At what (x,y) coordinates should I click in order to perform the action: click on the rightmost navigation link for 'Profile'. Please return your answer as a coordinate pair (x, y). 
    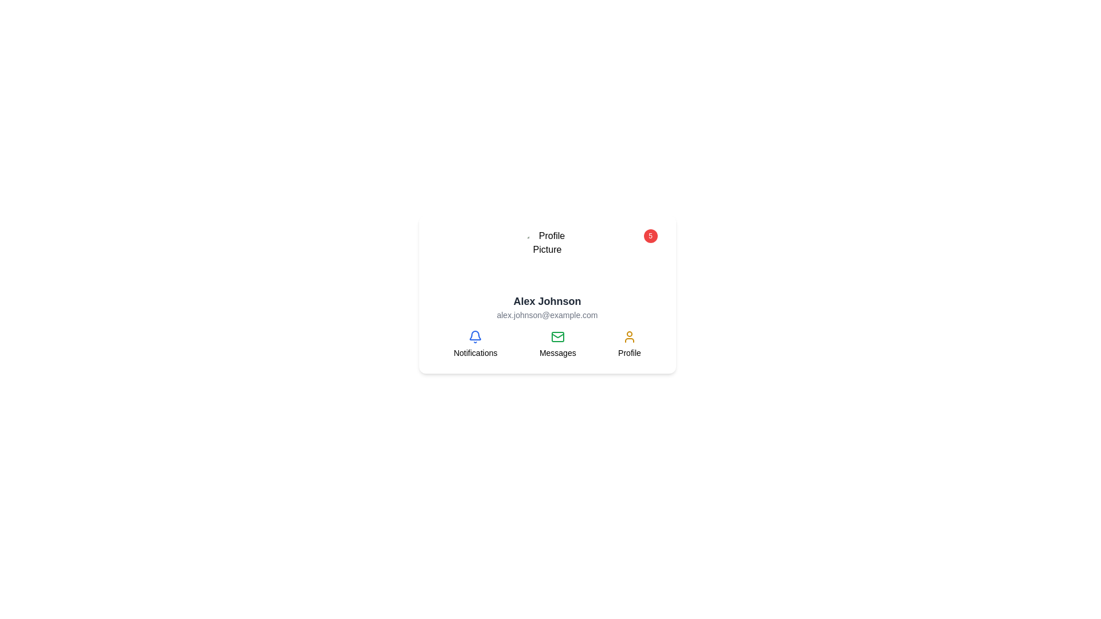
    Looking at the image, I should click on (628, 344).